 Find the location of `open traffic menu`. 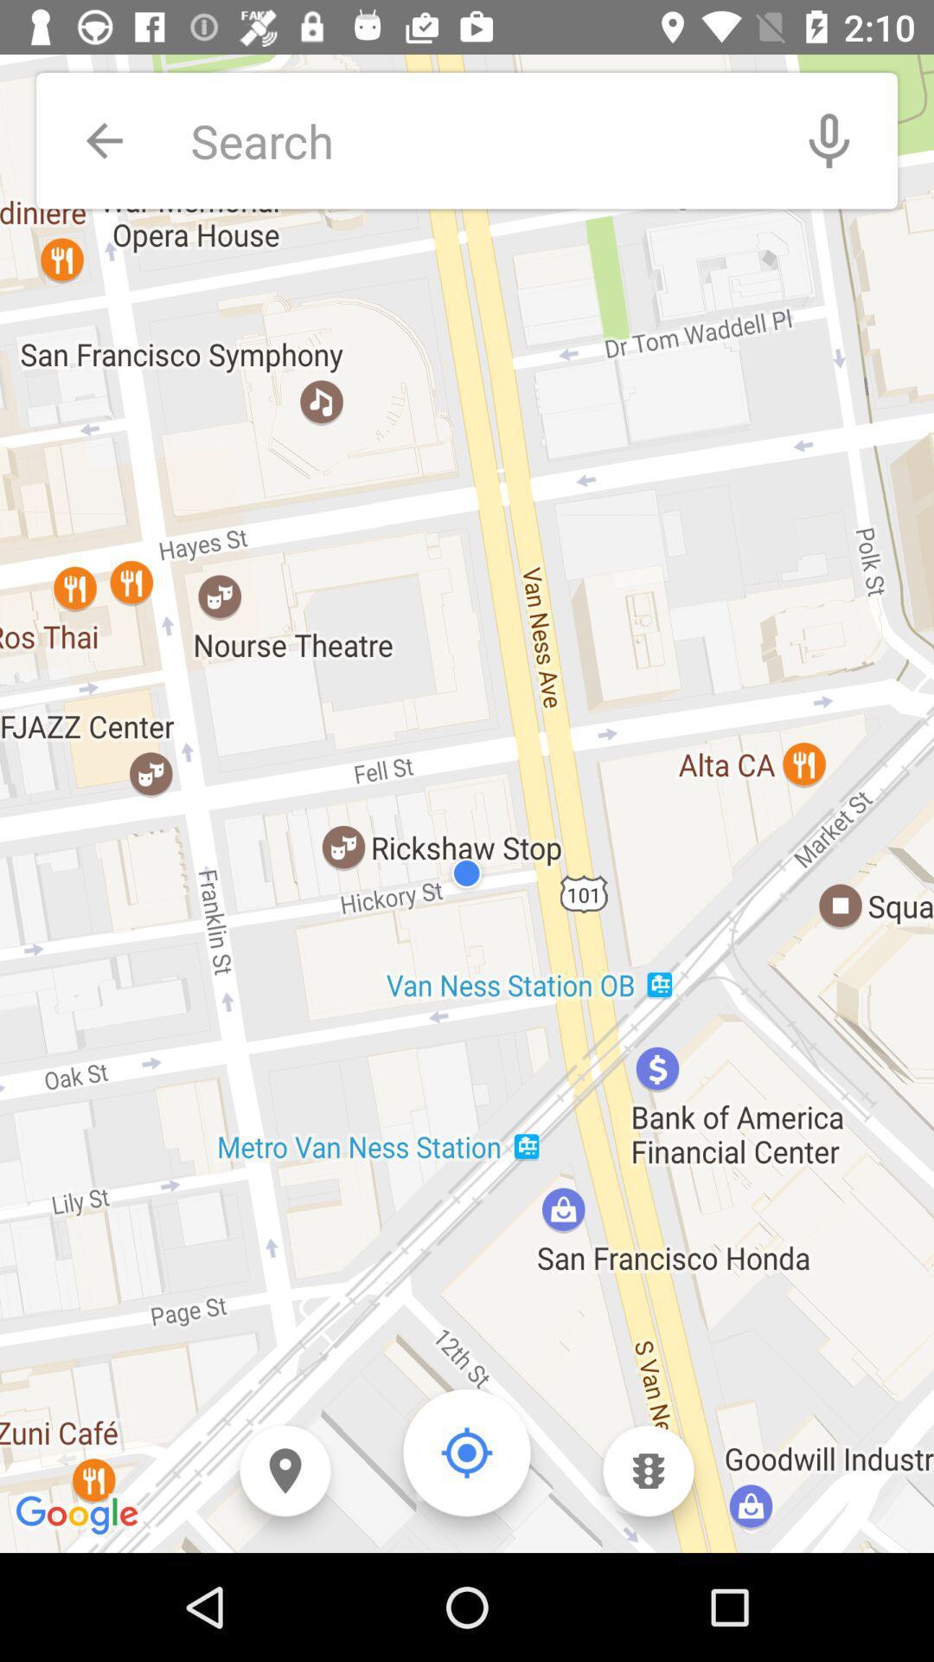

open traffic menu is located at coordinates (648, 1470).